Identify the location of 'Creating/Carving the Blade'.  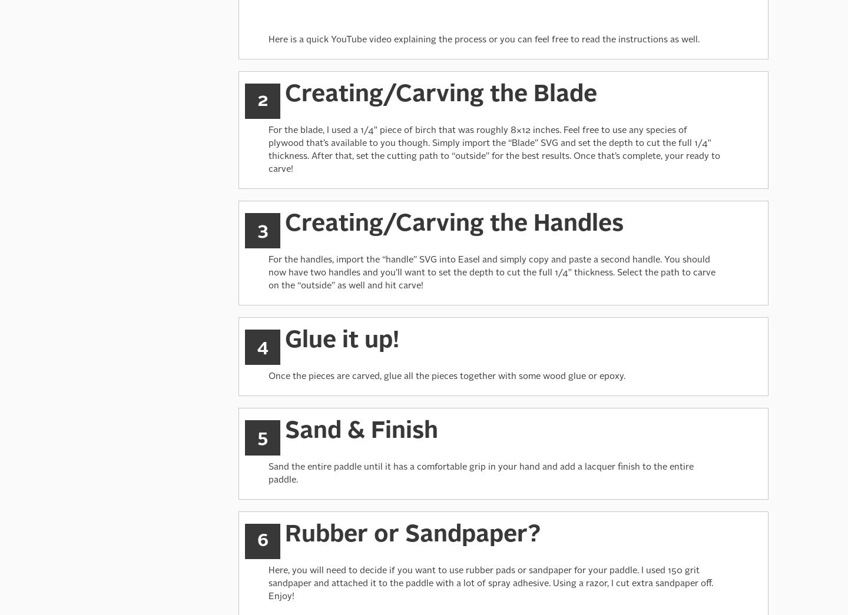
(440, 94).